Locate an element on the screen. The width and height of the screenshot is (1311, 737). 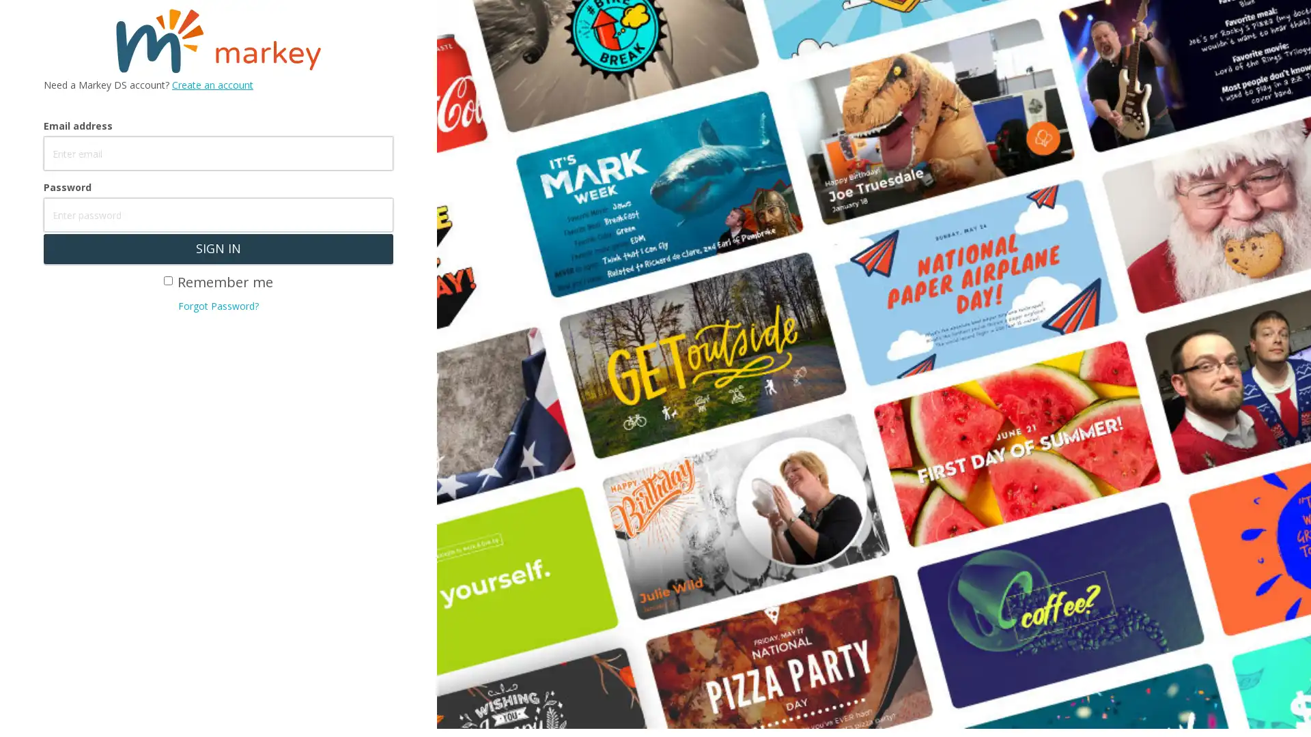
SIGN IN is located at coordinates (217, 248).